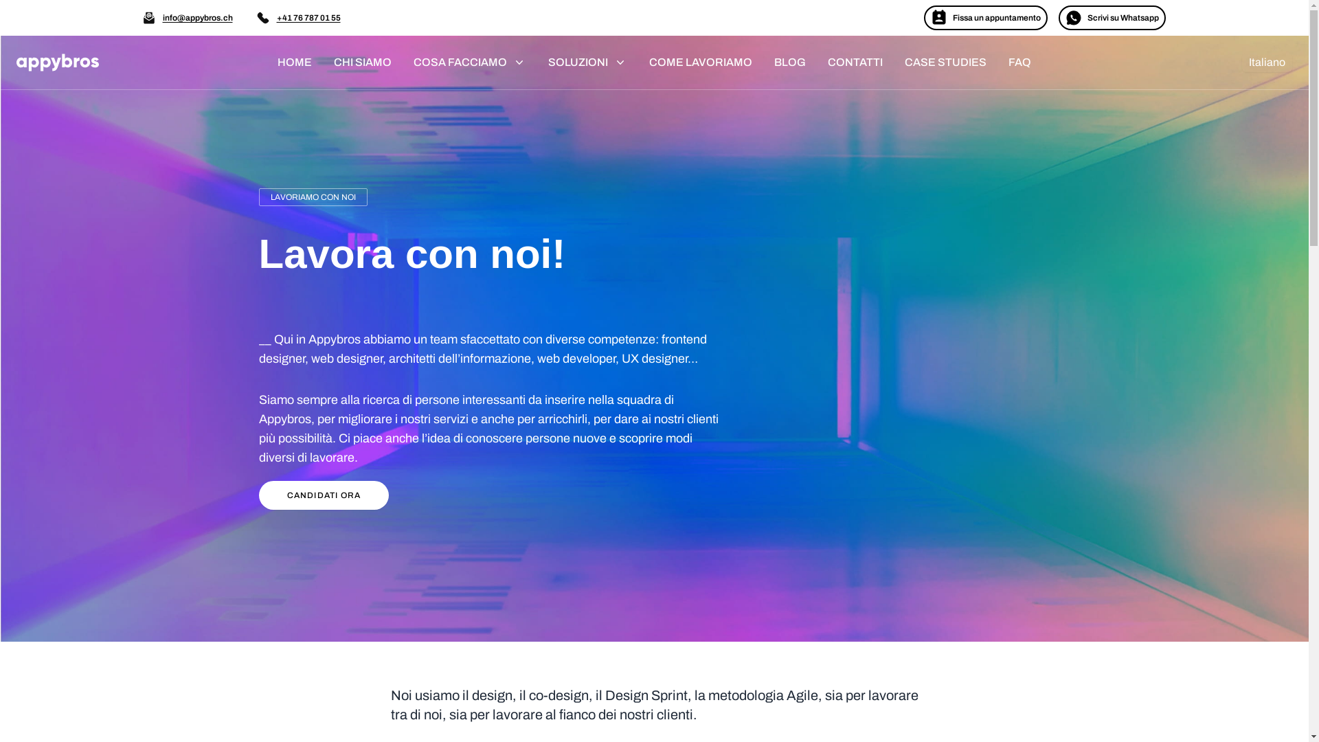  Describe the element at coordinates (700, 63) in the screenshot. I see `'COME LAVORIAMO'` at that location.